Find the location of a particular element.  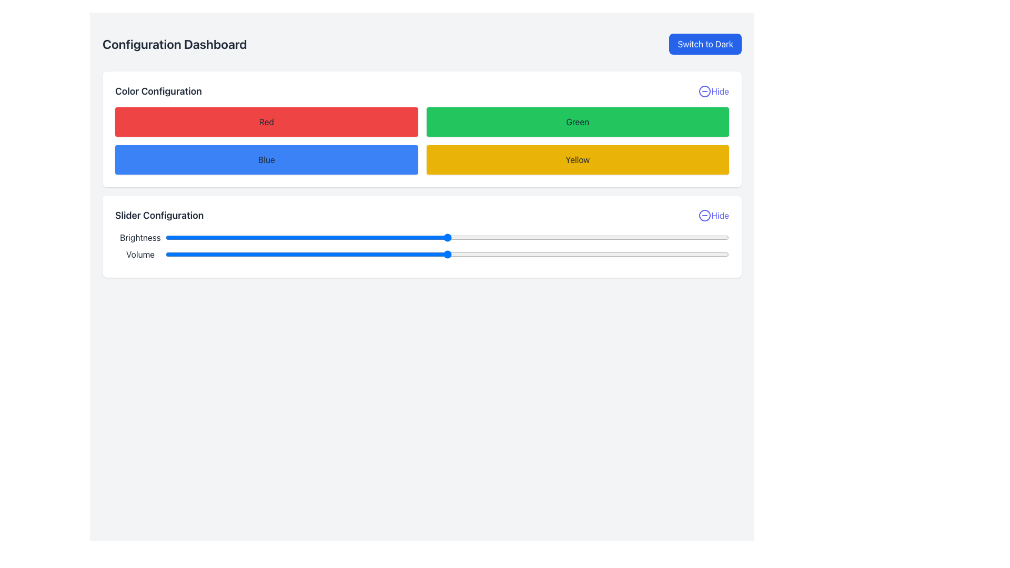

the slider value is located at coordinates (441, 254).